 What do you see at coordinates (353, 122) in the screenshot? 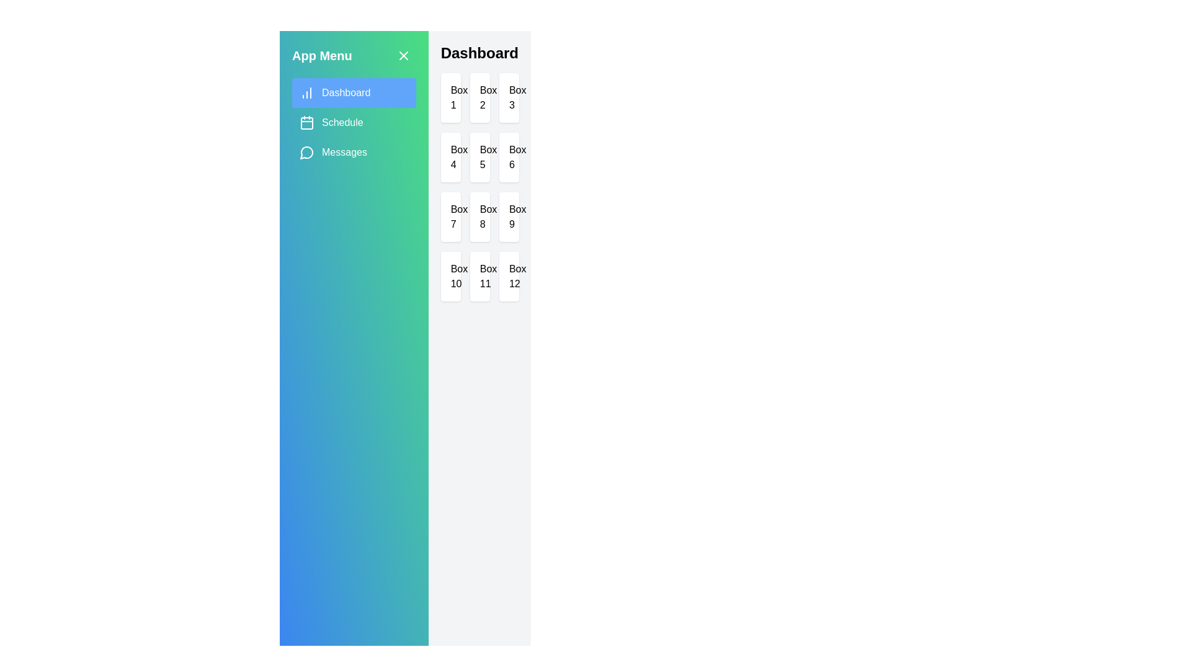
I see `the Schedule tab to view its content` at bounding box center [353, 122].